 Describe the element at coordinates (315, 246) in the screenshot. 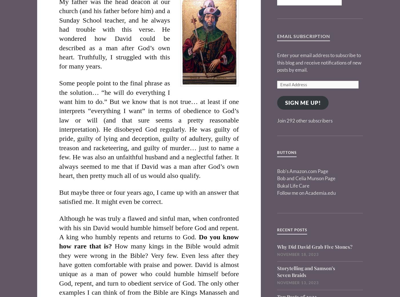

I see `'Why Did David Grab Five Stones?'` at that location.